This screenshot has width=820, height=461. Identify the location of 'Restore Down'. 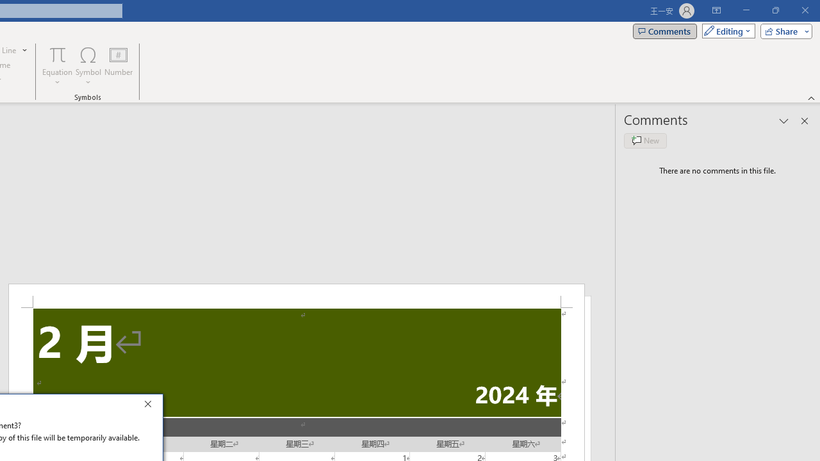
(775, 10).